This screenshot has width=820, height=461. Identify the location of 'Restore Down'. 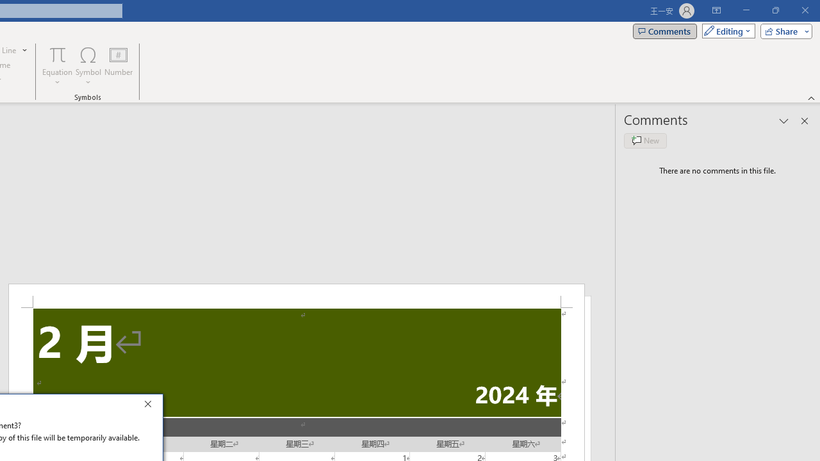
(775, 10).